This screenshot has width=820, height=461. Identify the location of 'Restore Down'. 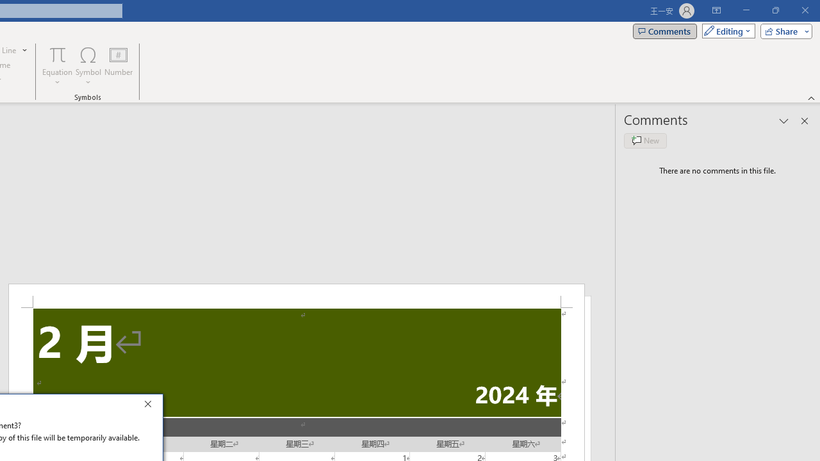
(775, 10).